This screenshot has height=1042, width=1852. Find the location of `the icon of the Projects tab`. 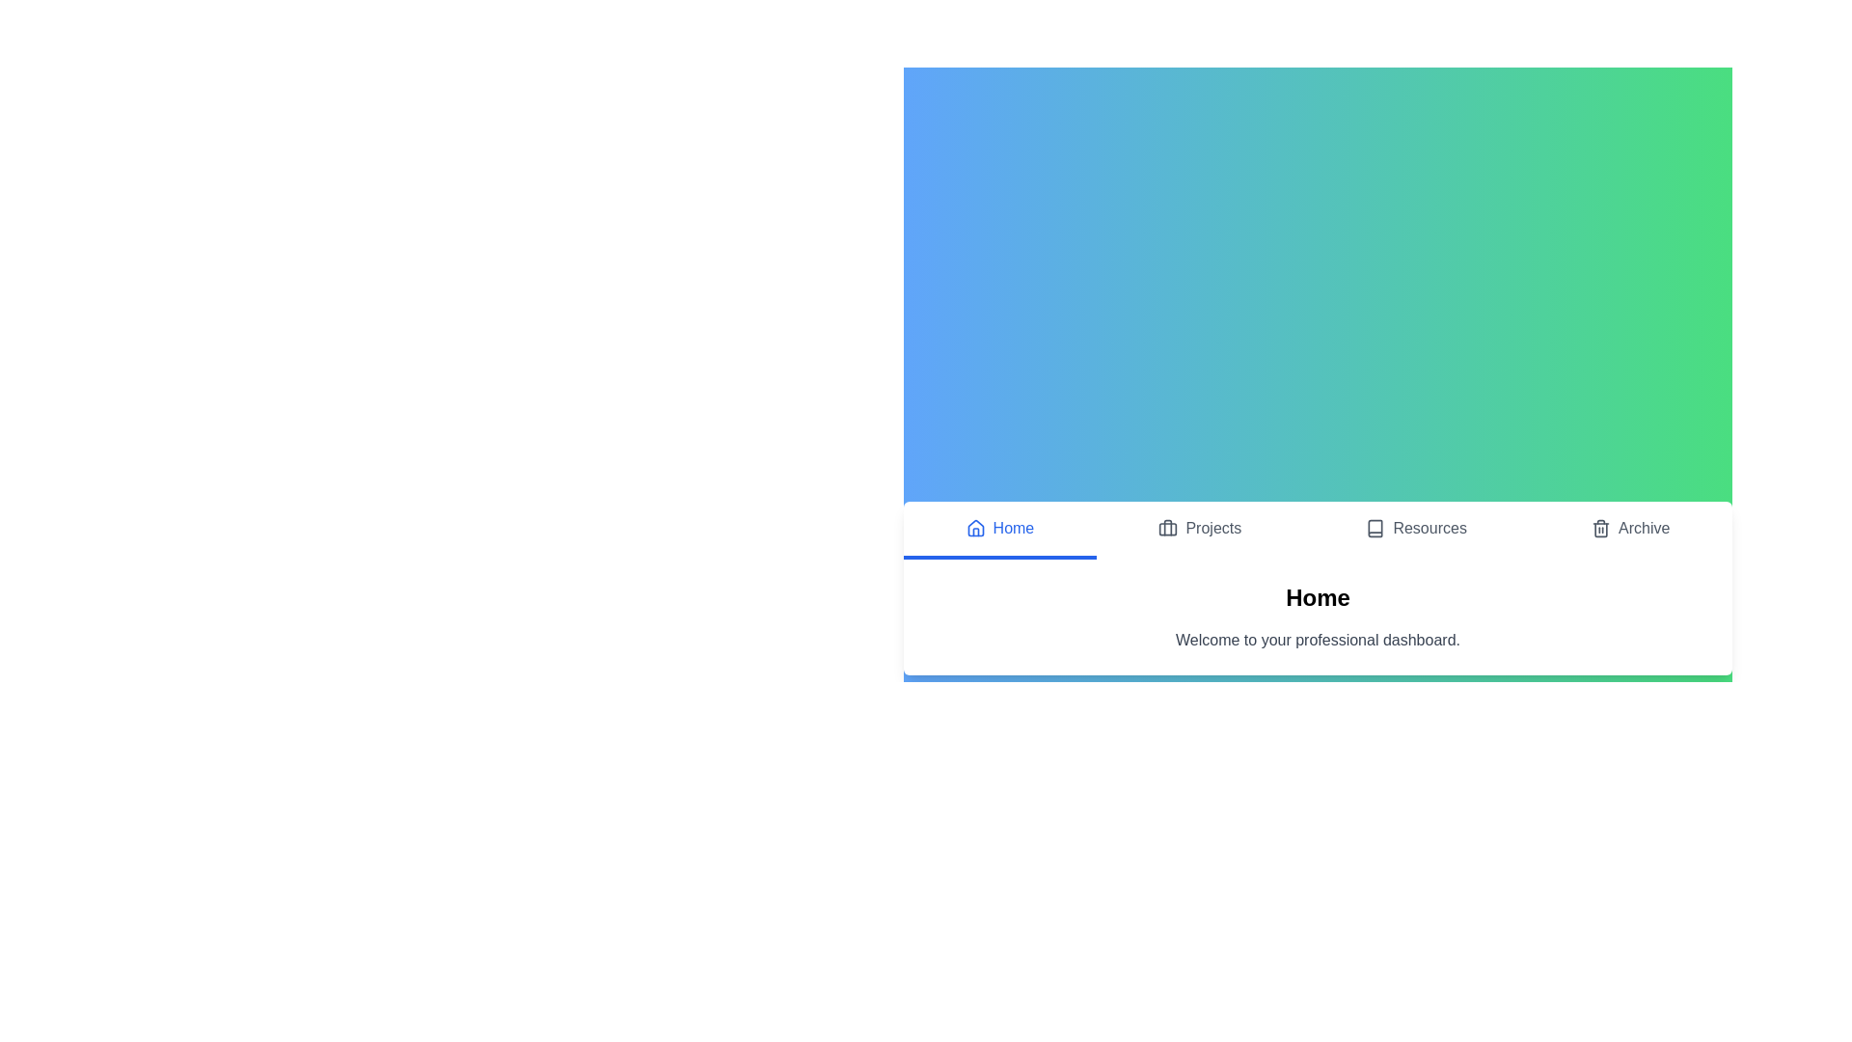

the icon of the Projects tab is located at coordinates (1167, 528).